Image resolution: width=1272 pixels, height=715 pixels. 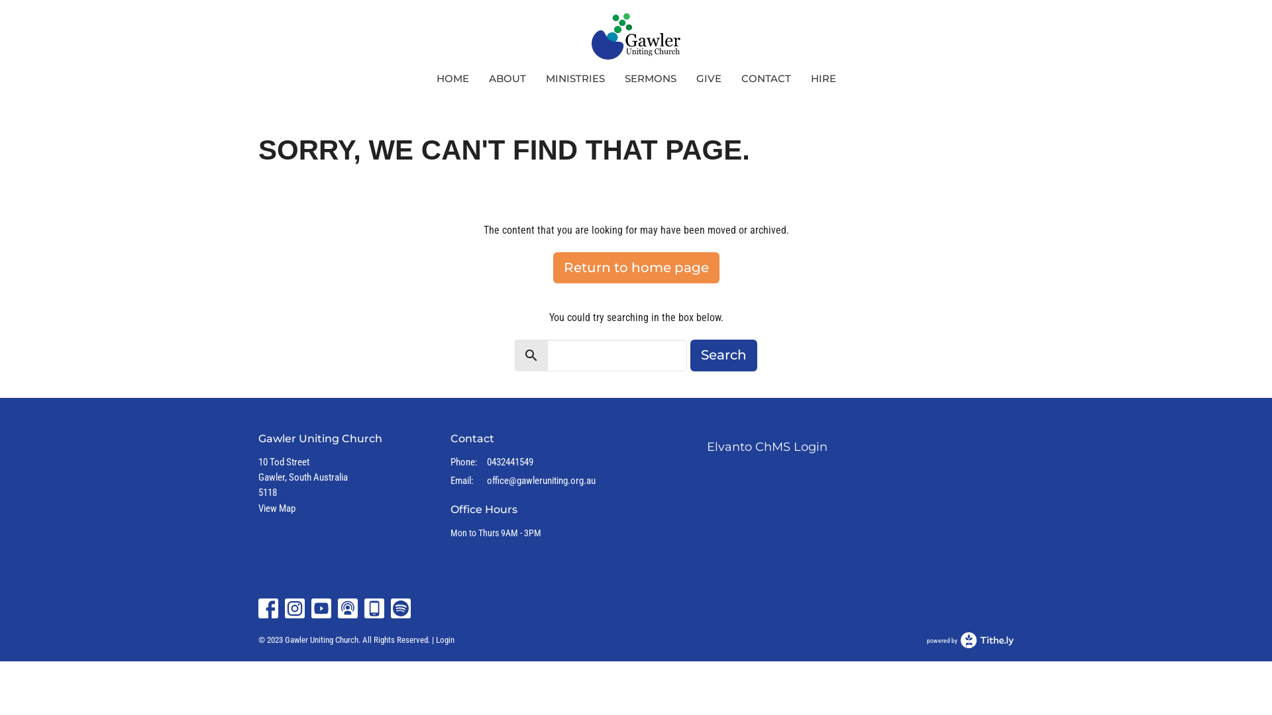 I want to click on 'powered by, so click(x=970, y=640).